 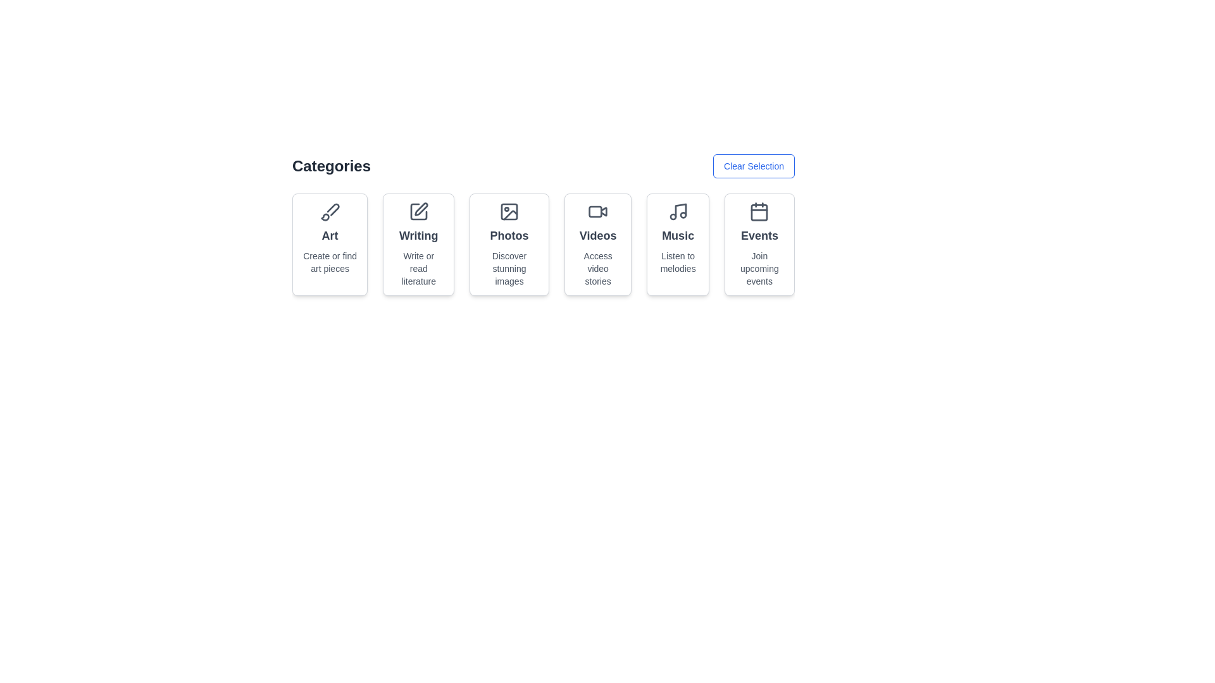 What do you see at coordinates (680, 209) in the screenshot?
I see `the vertical note structure of the music note icon within the 'Music' category card, which is the third card from the left` at bounding box center [680, 209].